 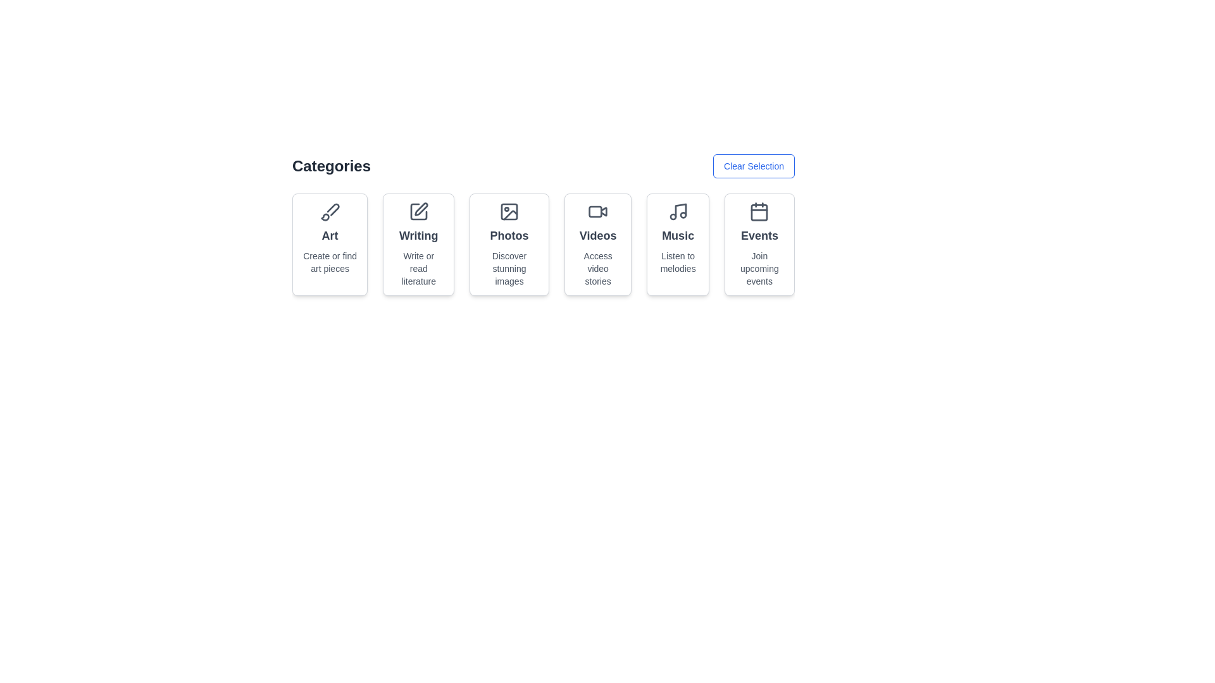 What do you see at coordinates (680, 209) in the screenshot?
I see `the vertical note structure of the music note icon within the 'Music' category card, which is the third card from the left` at bounding box center [680, 209].